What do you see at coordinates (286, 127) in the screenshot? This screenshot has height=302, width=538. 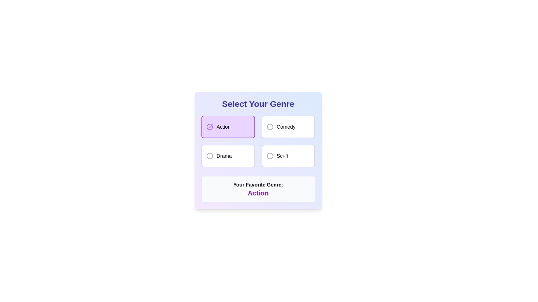 I see `the 'Comedy' genre label in the selection grid, located in the right column under 'Select Your Genre'` at bounding box center [286, 127].